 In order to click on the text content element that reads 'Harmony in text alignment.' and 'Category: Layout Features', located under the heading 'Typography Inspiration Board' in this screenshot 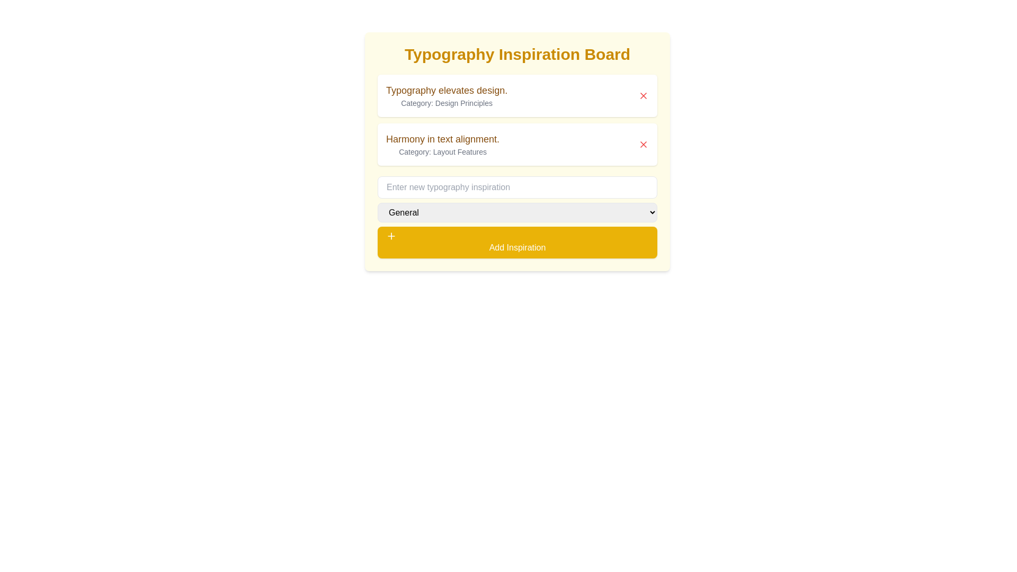, I will do `click(442, 145)`.